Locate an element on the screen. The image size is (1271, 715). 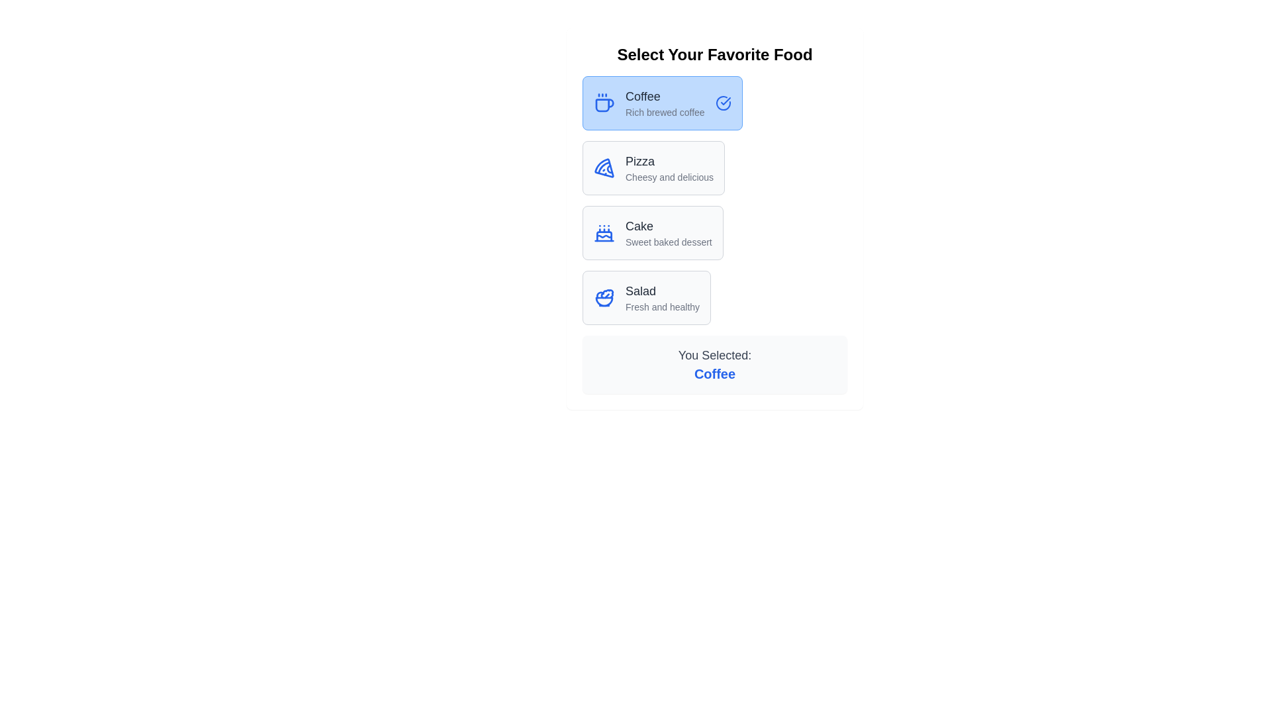
the SVG checkmark symbol indicating selection next to the text 'Coffee' in the highlighted card is located at coordinates (725, 101).